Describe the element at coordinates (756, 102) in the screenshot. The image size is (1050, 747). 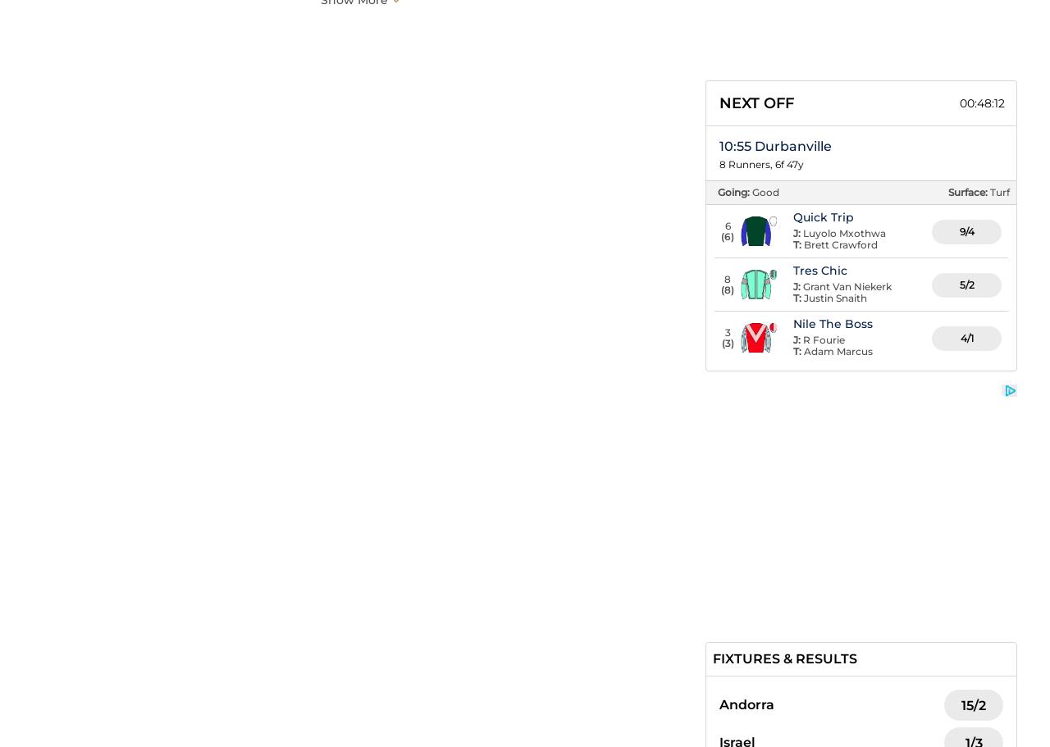
I see `'Next Off'` at that location.